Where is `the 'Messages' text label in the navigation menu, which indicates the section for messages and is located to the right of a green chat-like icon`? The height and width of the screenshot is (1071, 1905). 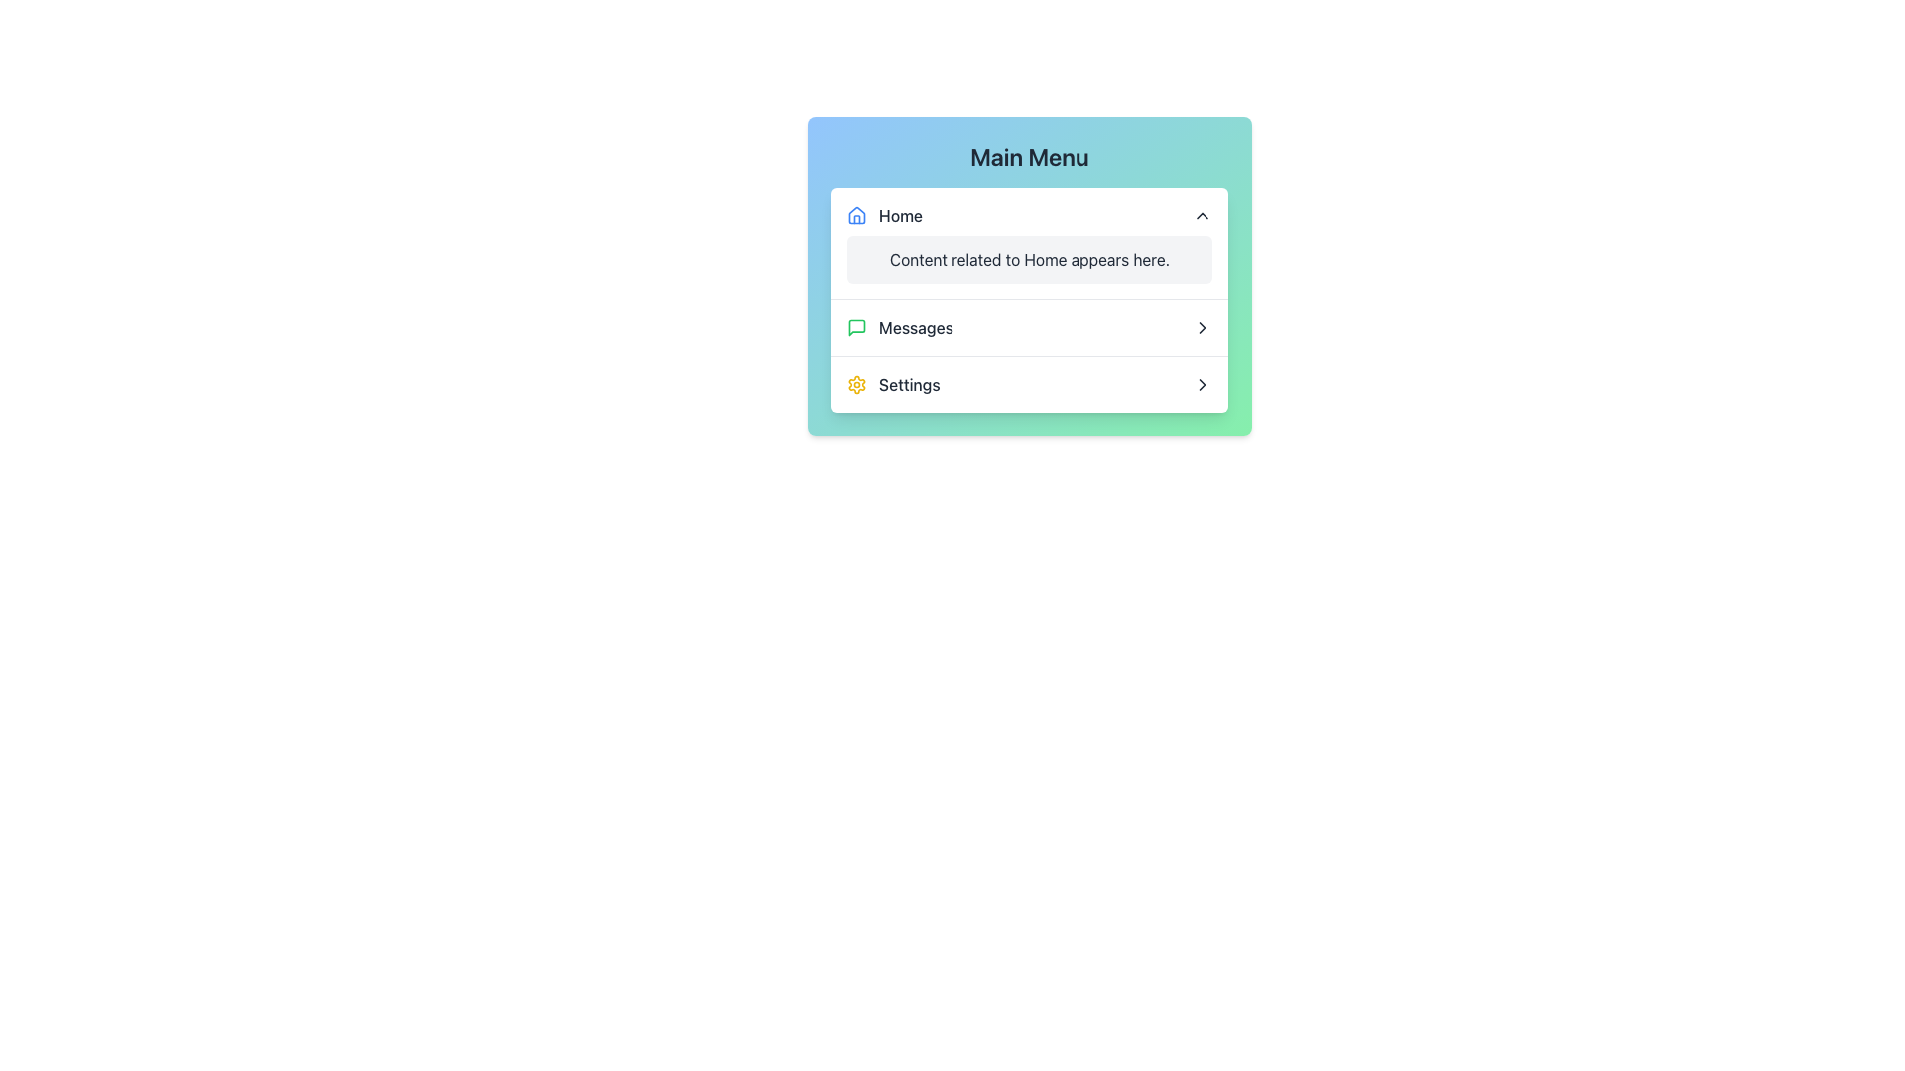 the 'Messages' text label in the navigation menu, which indicates the section for messages and is located to the right of a green chat-like icon is located at coordinates (915, 327).